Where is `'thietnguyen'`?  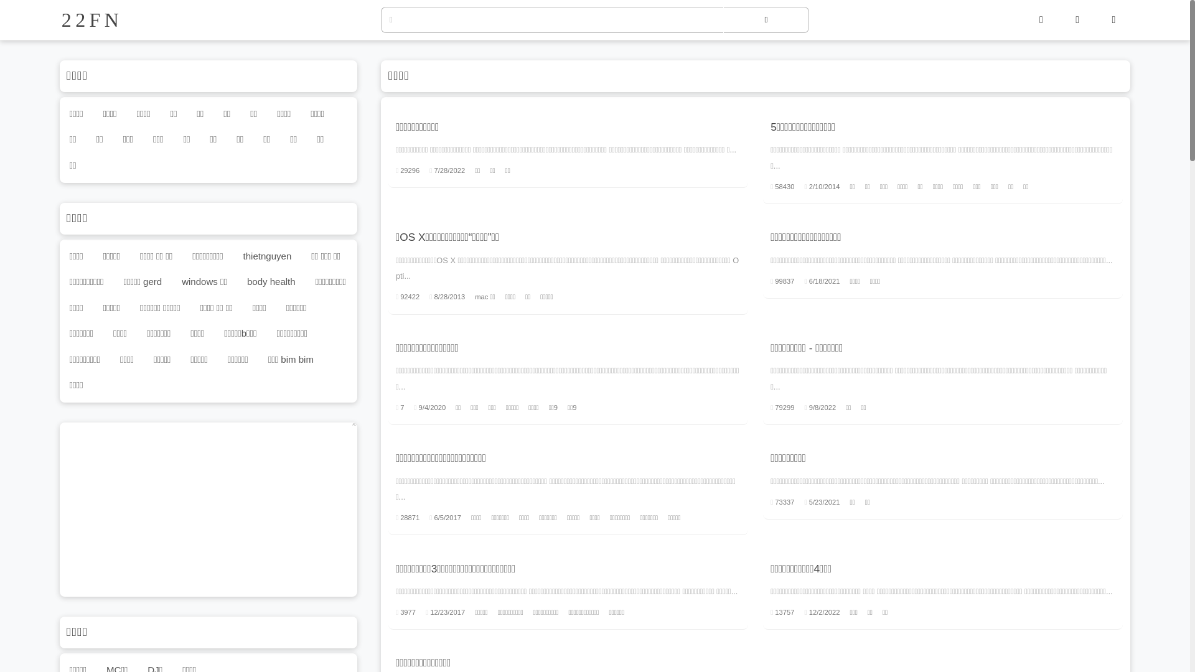
'thietnguyen' is located at coordinates (266, 255).